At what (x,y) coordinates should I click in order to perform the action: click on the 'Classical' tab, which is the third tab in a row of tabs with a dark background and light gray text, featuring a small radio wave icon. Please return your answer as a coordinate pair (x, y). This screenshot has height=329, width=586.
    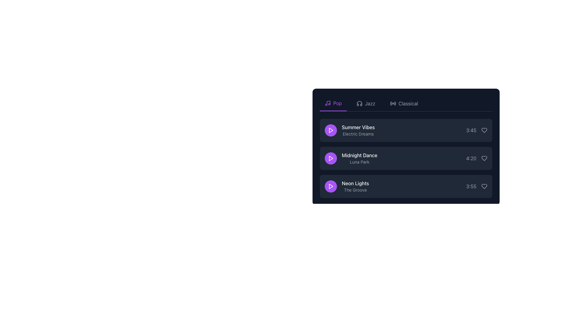
    Looking at the image, I should click on (404, 103).